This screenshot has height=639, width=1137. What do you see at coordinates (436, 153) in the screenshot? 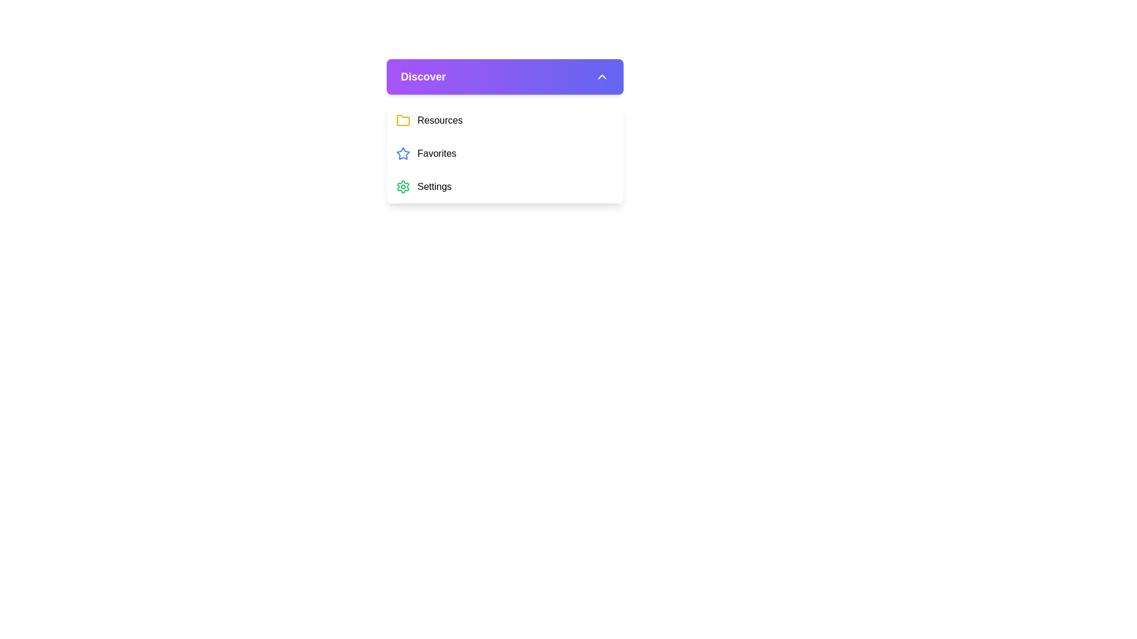
I see `the second menu item labeled 'Favorites' under the header 'Discover'` at bounding box center [436, 153].